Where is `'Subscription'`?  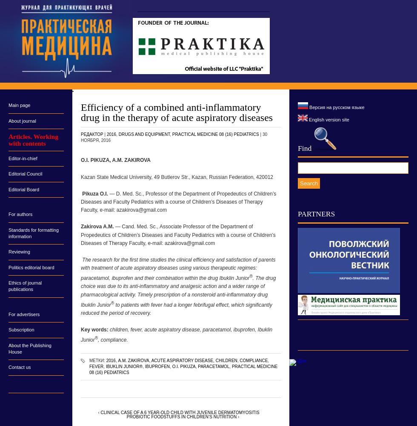
'Subscription' is located at coordinates (21, 330).